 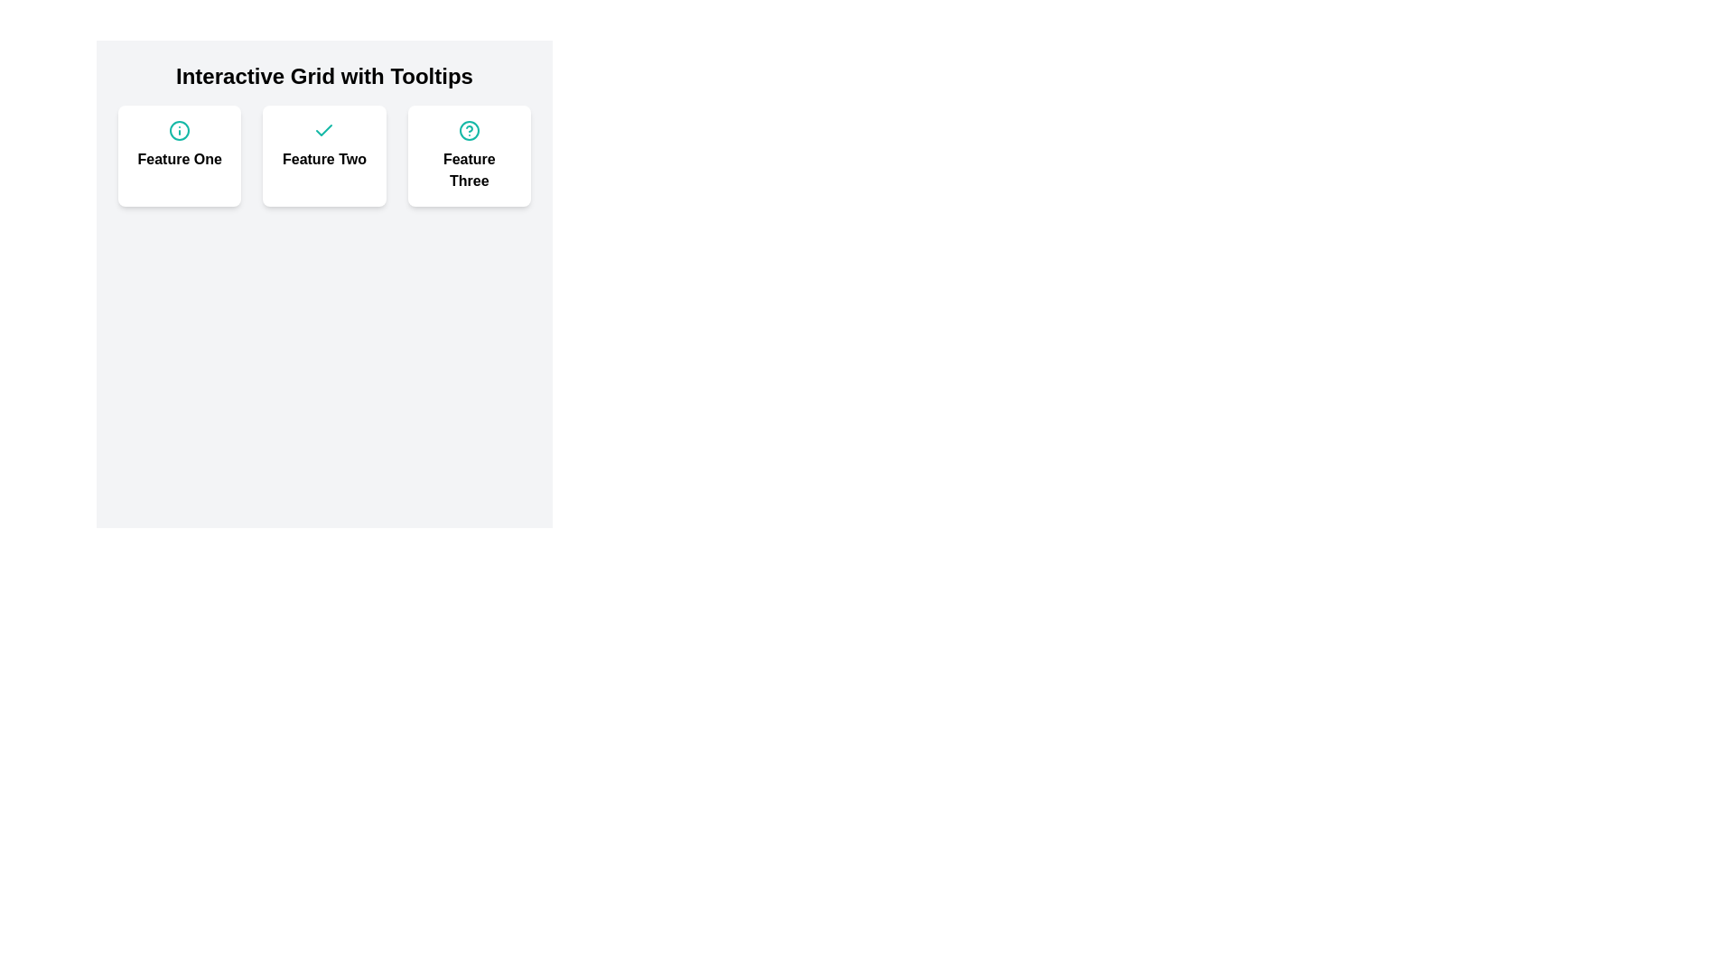 I want to click on the teal circular icon with an information symbol located above the text 'Feature One', so click(x=180, y=130).